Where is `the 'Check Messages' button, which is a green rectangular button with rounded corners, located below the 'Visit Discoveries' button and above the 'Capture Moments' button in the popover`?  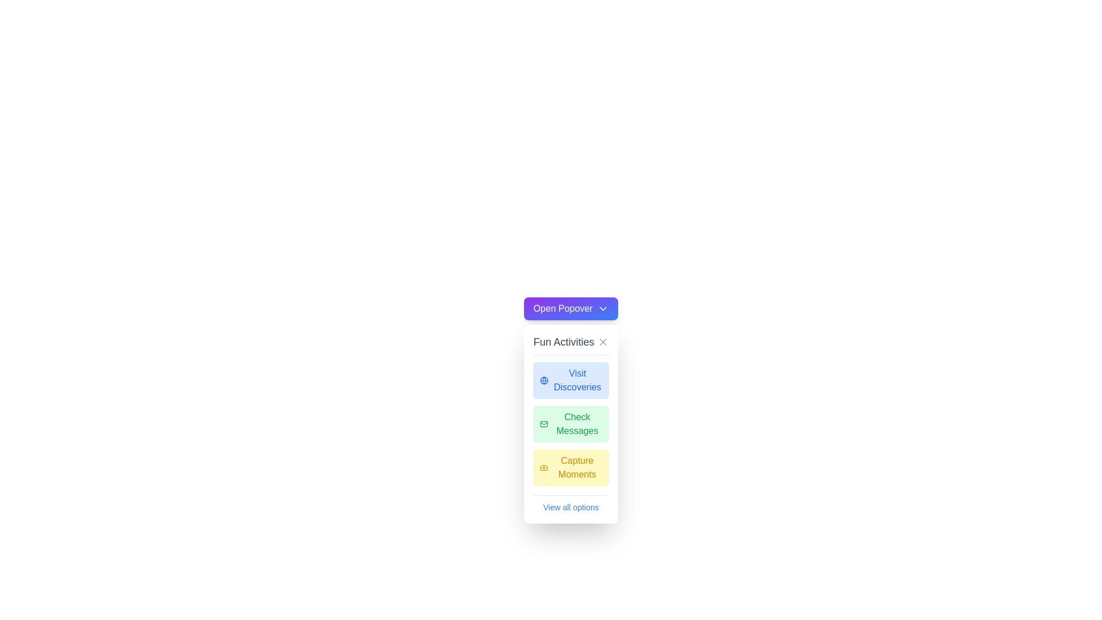 the 'Check Messages' button, which is a green rectangular button with rounded corners, located below the 'Visit Discoveries' button and above the 'Capture Moments' button in the popover is located at coordinates (571, 424).